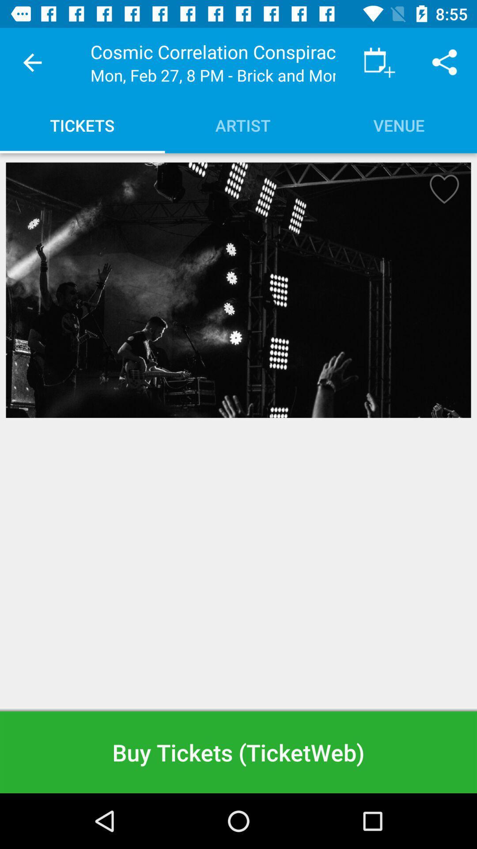 This screenshot has height=849, width=477. Describe the element at coordinates (379, 62) in the screenshot. I see `the item above venue` at that location.